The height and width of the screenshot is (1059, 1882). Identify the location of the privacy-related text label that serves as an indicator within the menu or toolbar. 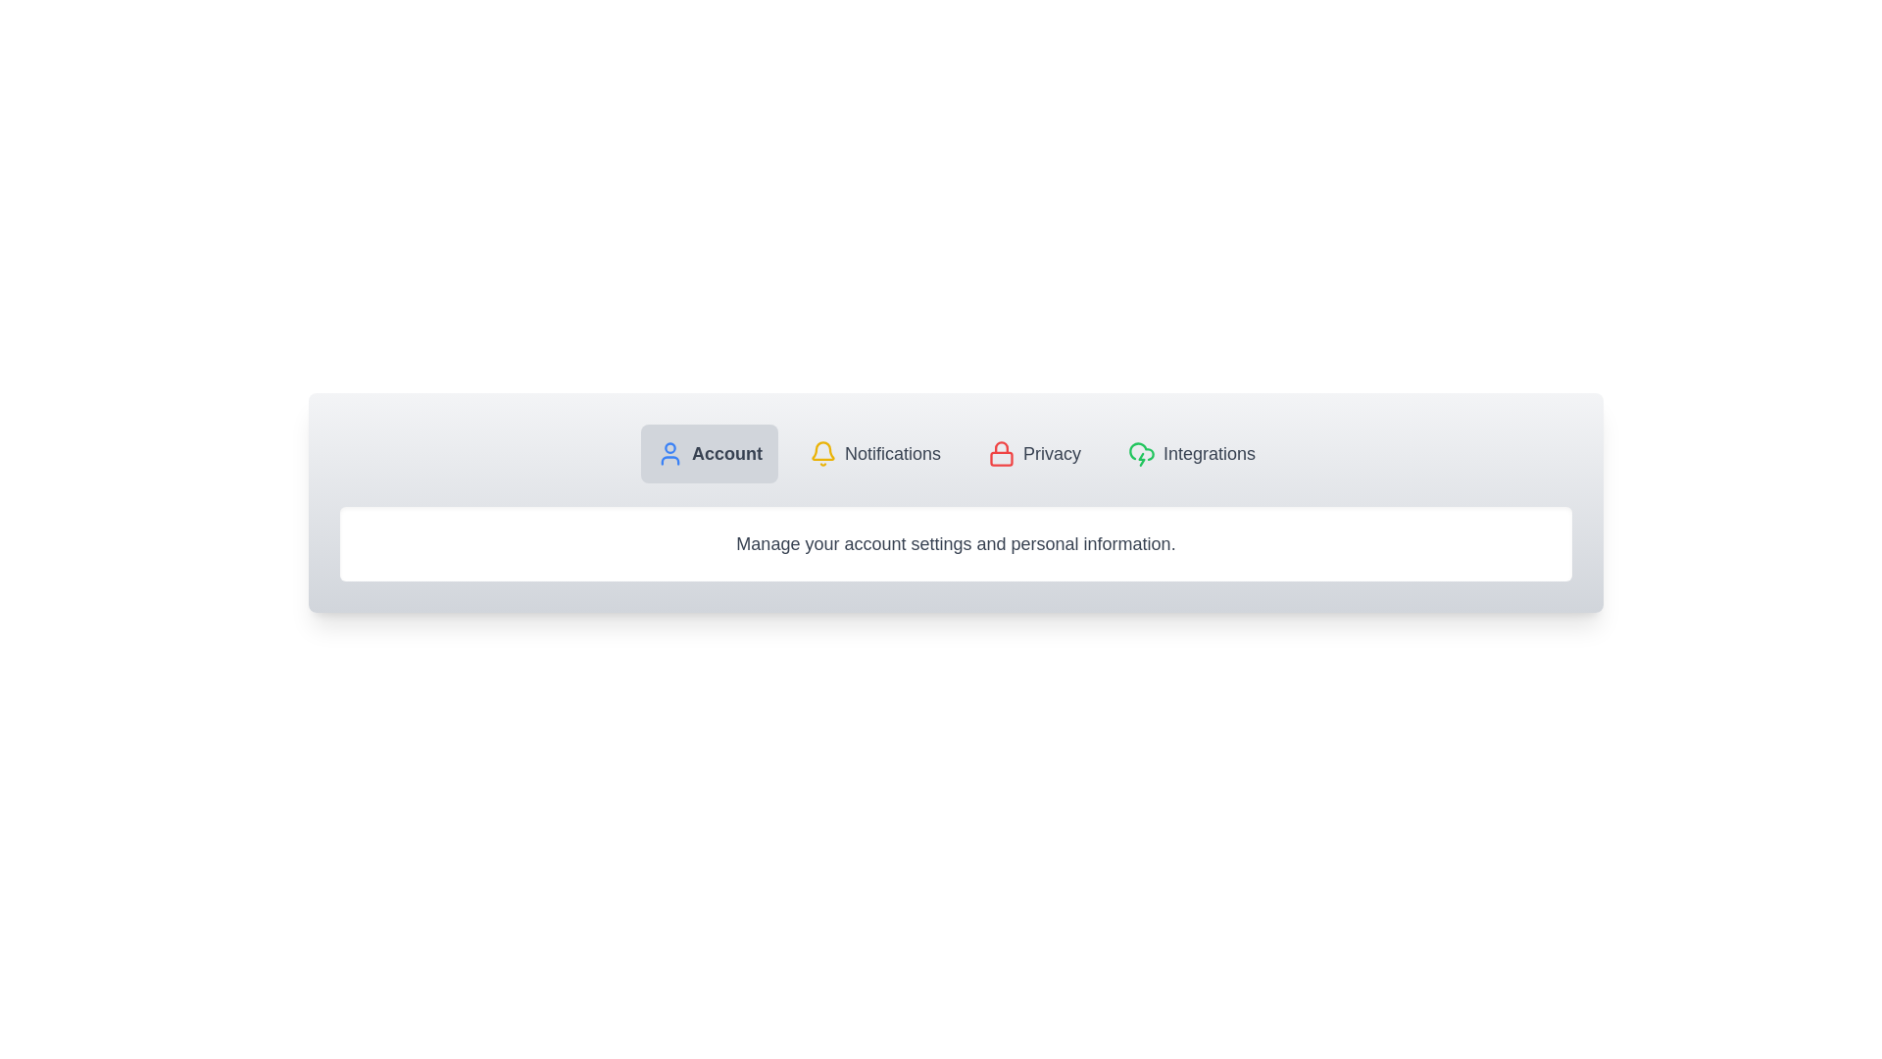
(1051, 453).